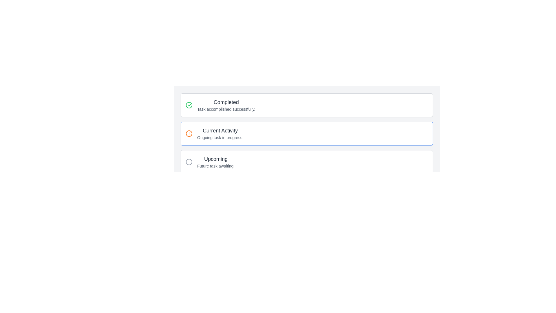 The height and width of the screenshot is (313, 556). I want to click on the gray circular shape that serves as the graphical marker for the 'Upcoming' list item, which is the third item in a vertical list, so click(189, 162).